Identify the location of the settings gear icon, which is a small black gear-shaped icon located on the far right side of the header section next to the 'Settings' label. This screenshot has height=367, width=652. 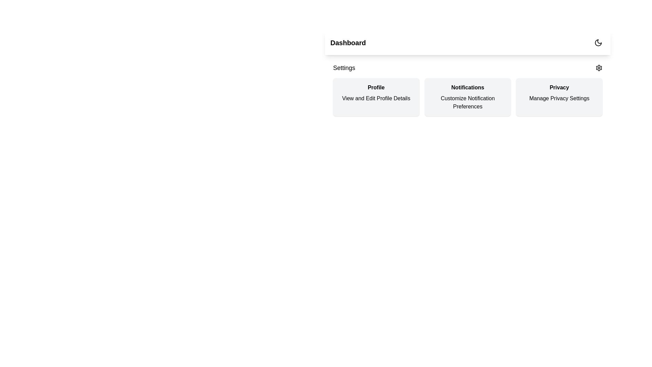
(599, 68).